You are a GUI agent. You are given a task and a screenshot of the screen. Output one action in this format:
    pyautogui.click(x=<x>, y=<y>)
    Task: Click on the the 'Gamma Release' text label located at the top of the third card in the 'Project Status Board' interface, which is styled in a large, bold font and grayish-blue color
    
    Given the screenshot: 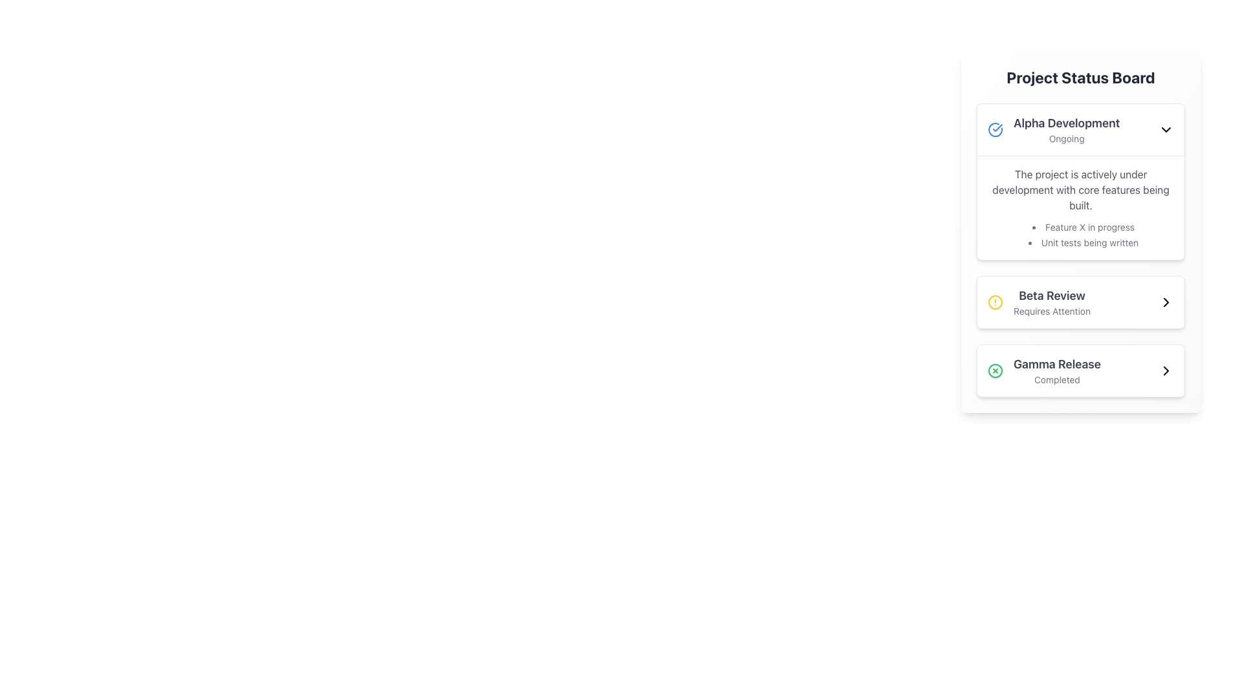 What is the action you would take?
    pyautogui.click(x=1057, y=364)
    